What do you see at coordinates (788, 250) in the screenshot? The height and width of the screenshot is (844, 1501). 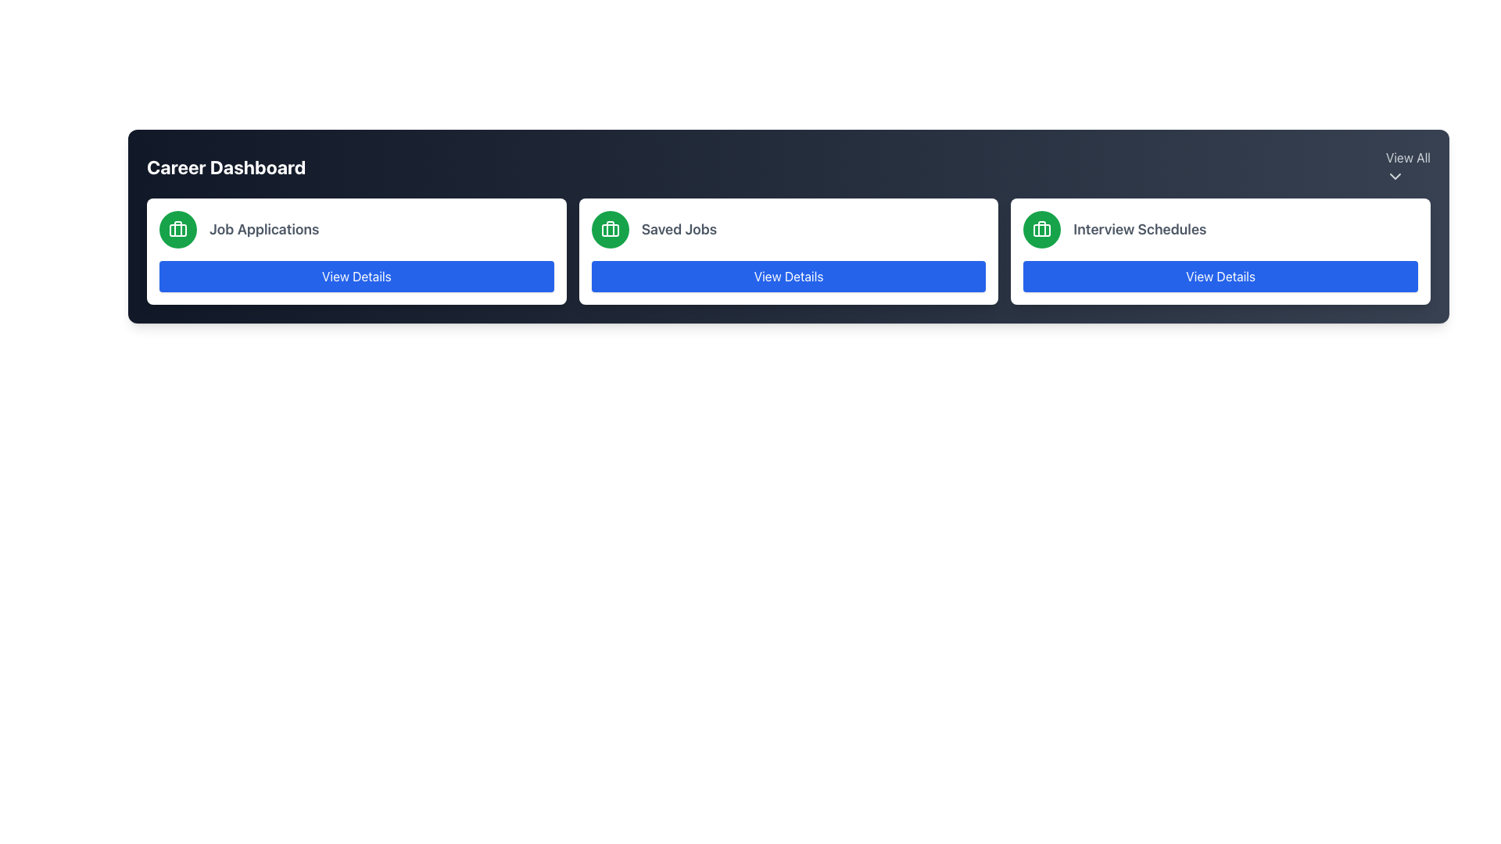 I see `the 'View Details' button within the 'Saved Jobs' section of the Career Dashboard` at bounding box center [788, 250].